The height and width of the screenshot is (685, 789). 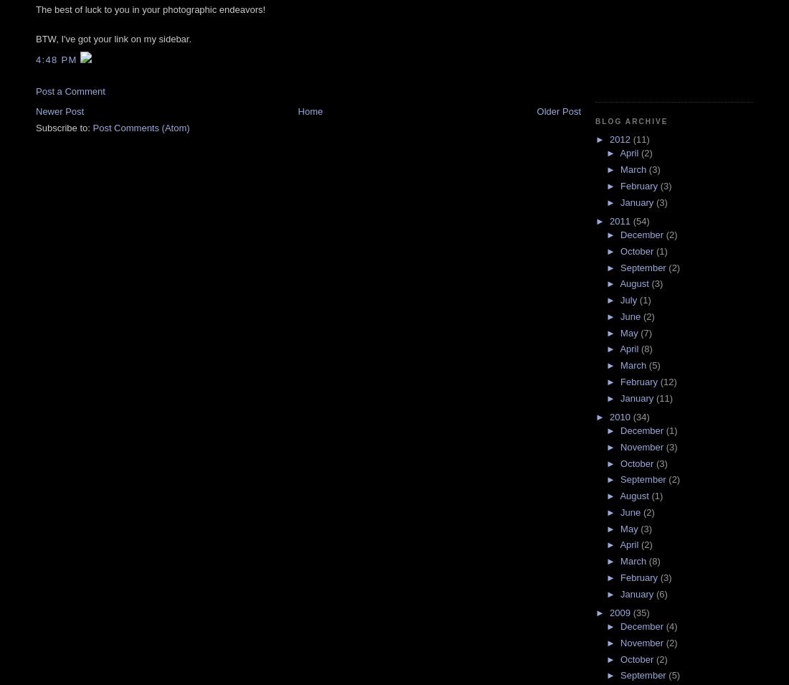 What do you see at coordinates (140, 127) in the screenshot?
I see `'Post Comments (Atom)'` at bounding box center [140, 127].